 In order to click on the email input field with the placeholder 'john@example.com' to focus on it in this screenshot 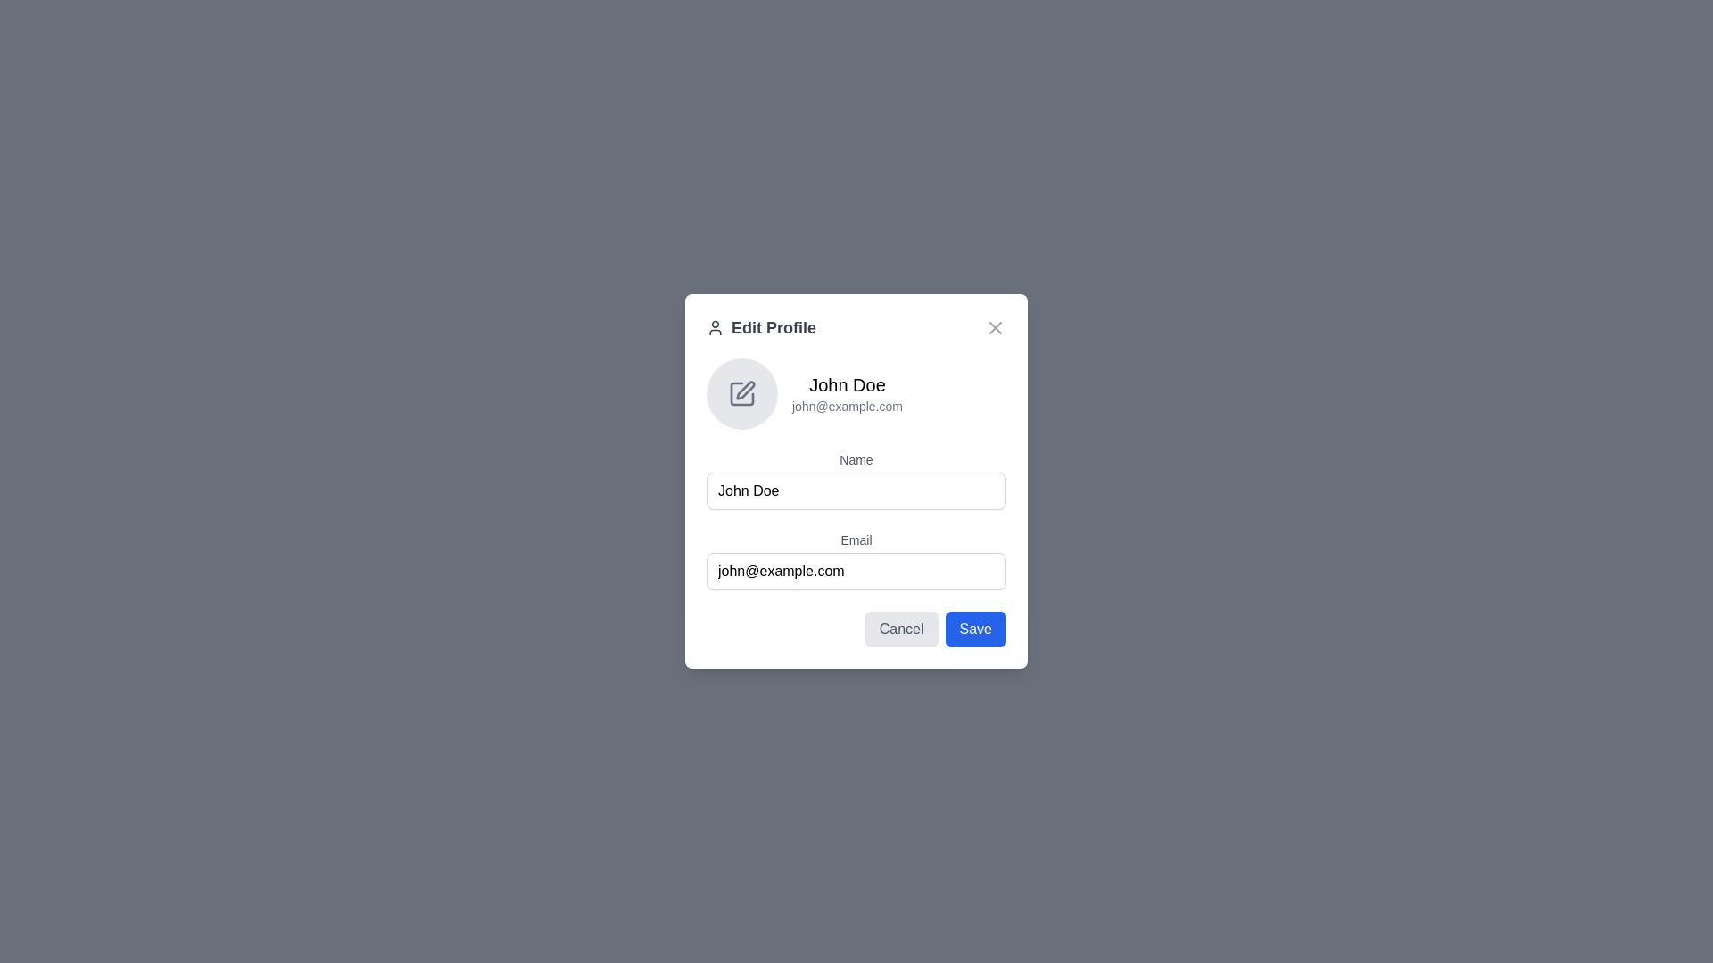, I will do `click(856, 571)`.